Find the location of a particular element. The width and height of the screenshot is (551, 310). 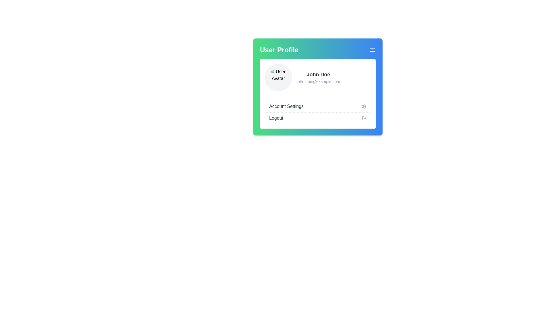

the circular avatar placeholder with a gray background located to the left of the username 'John Doe' and email 'john.doe@example.com' in the User Profile card interface is located at coordinates (278, 77).